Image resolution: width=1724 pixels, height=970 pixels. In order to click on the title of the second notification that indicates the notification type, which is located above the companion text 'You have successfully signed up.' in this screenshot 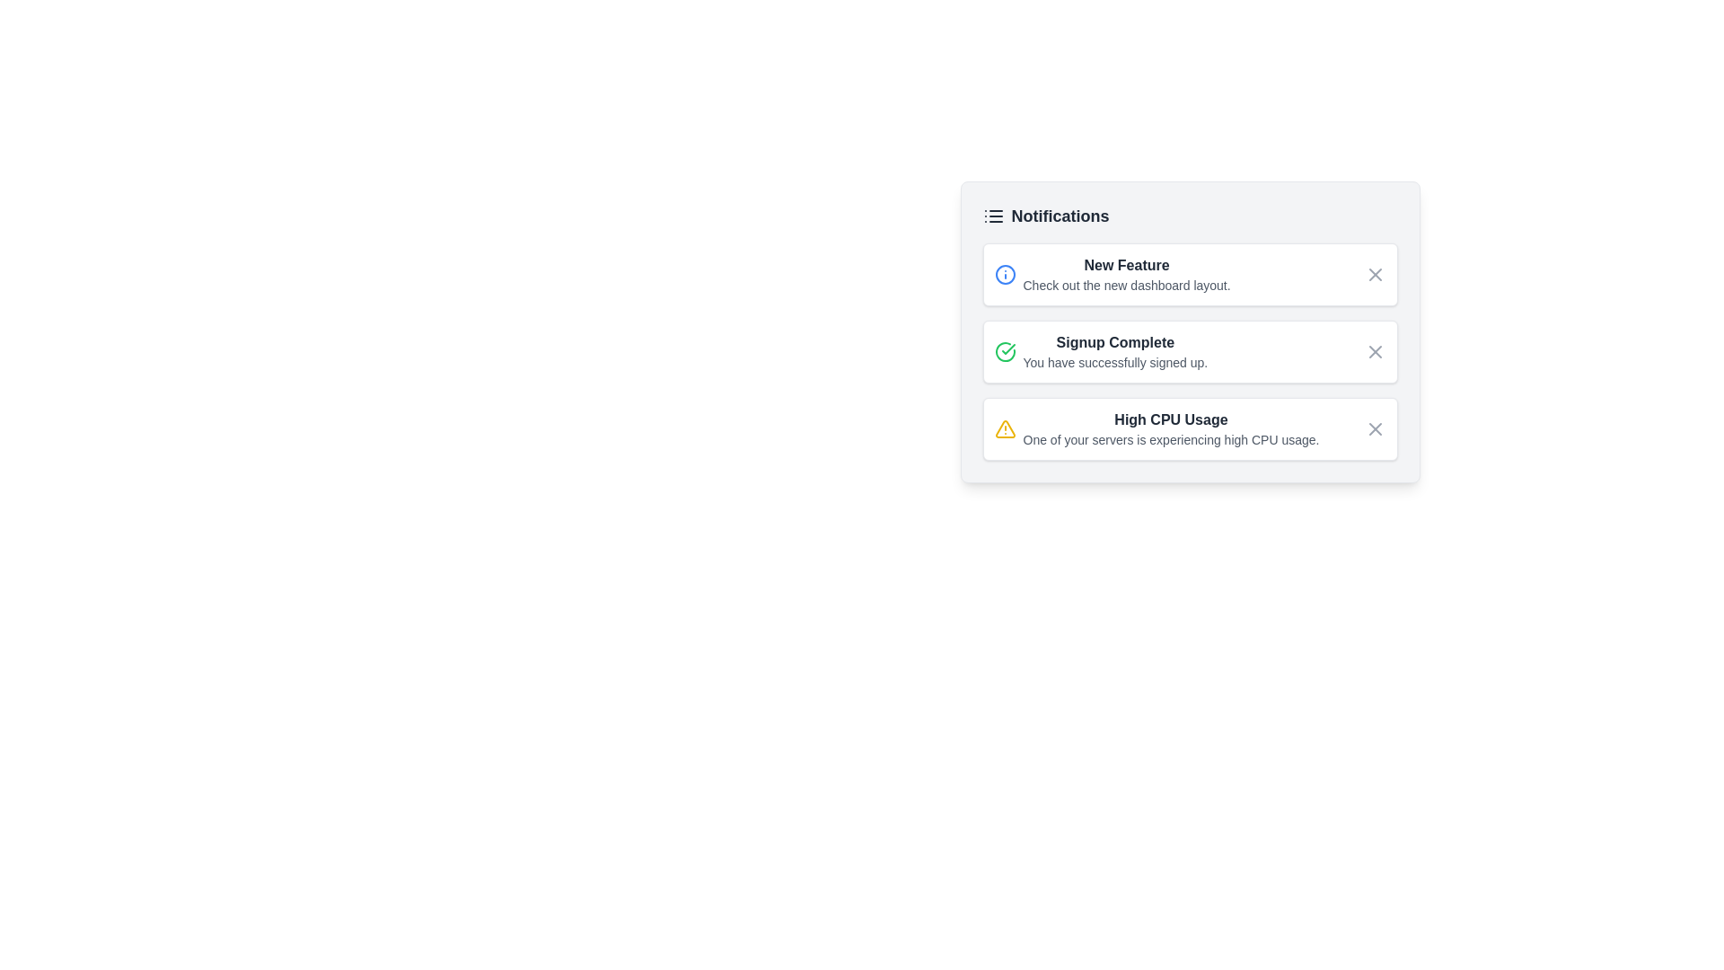, I will do `click(1114, 342)`.